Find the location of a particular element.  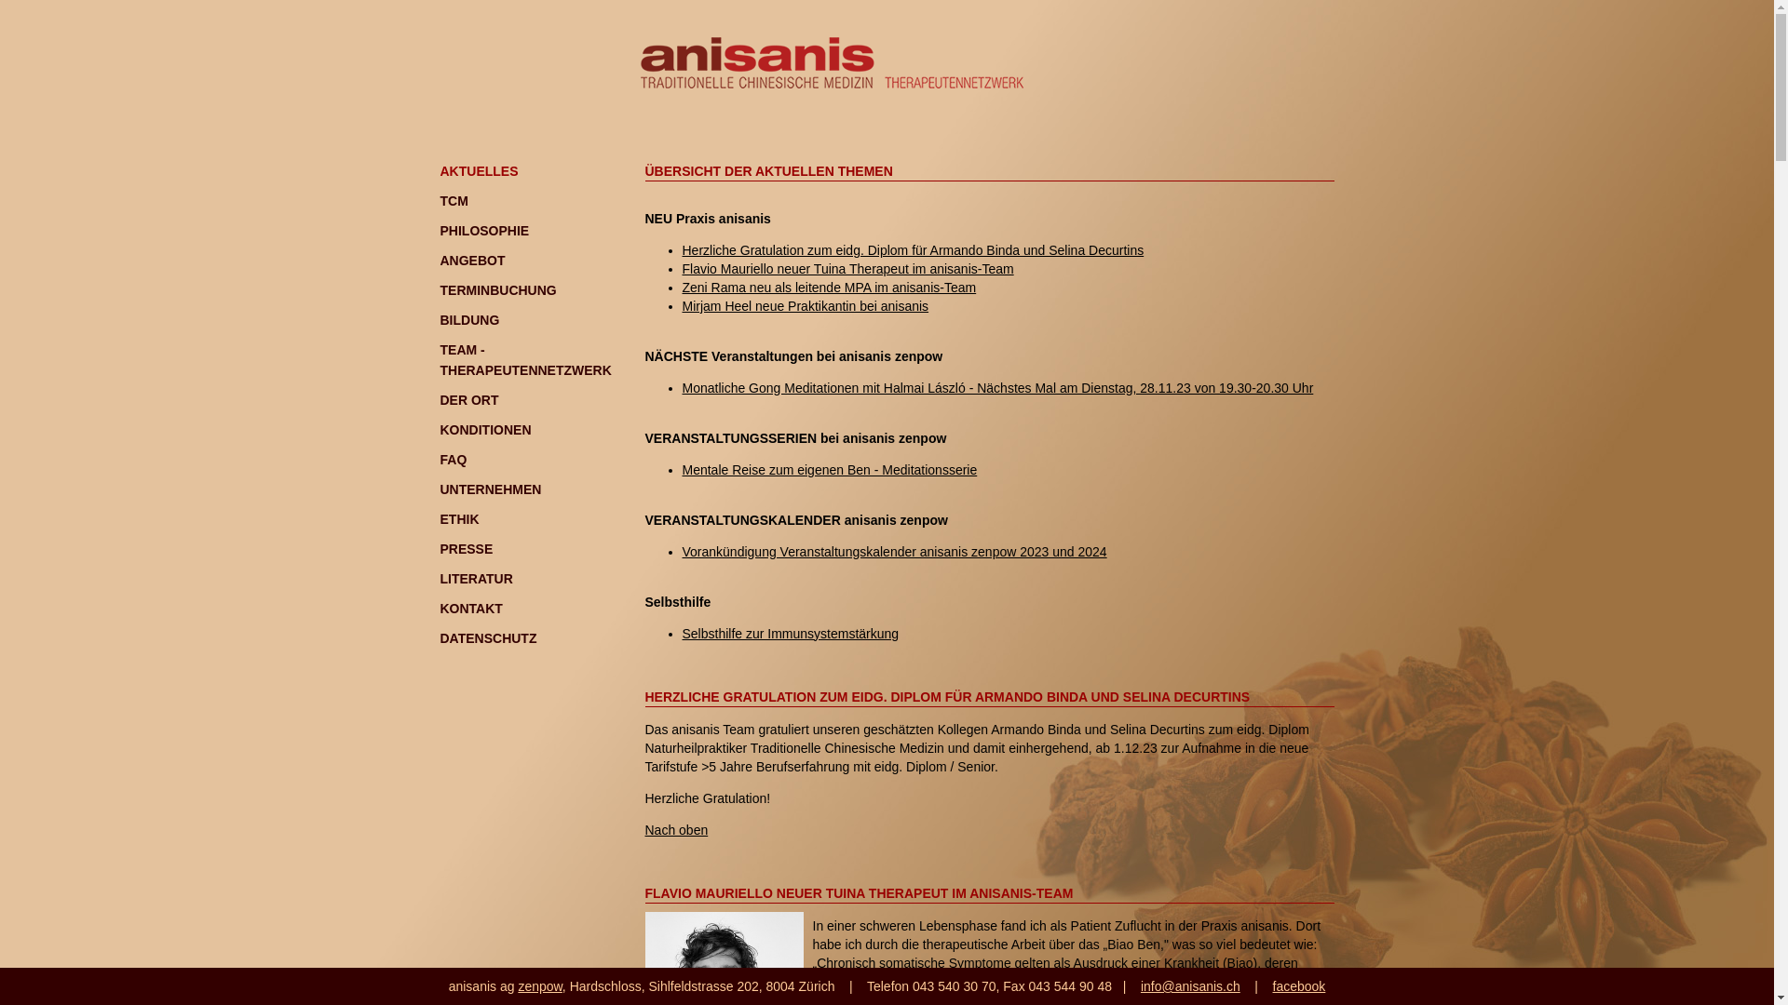

'TCM' is located at coordinates (453, 201).